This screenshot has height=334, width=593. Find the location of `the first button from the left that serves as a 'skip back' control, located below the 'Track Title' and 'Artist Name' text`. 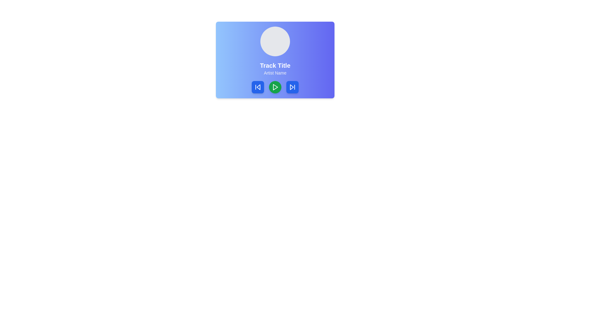

the first button from the left that serves as a 'skip back' control, located below the 'Track Title' and 'Artist Name' text is located at coordinates (258, 87).